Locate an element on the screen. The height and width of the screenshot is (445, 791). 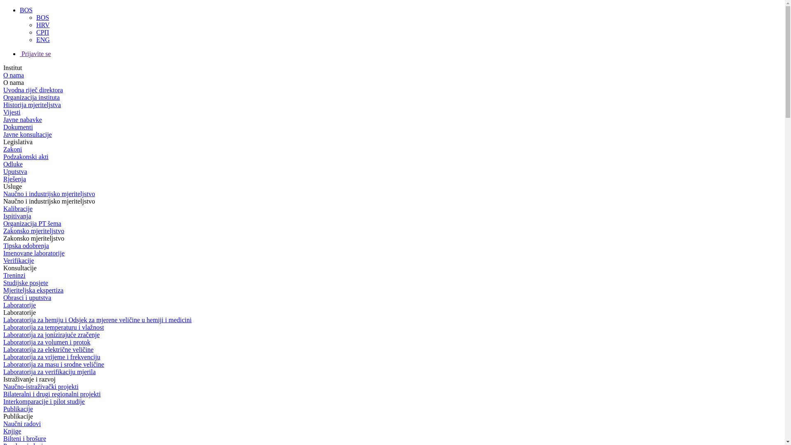
'Historija mjeriteljstva' is located at coordinates (3, 104).